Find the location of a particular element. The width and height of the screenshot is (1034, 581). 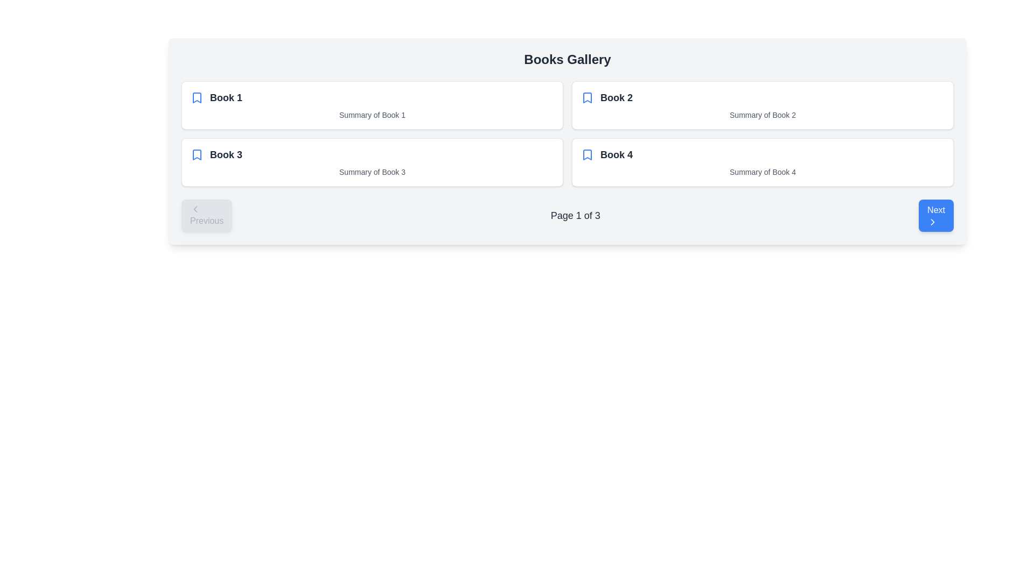

the SVG Icon that indicates saving or marking the associated book item located at the top-right quadrant of the gallery interface, adjacent to the title 'Book 2' is located at coordinates (586, 97).